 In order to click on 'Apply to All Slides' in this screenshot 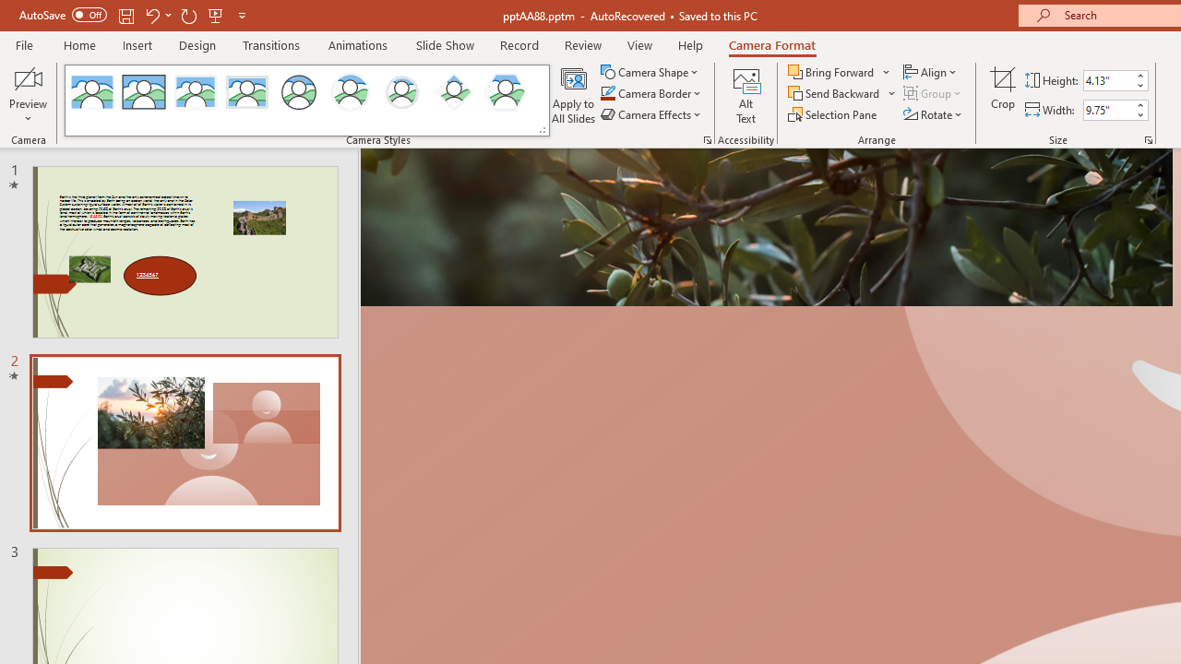, I will do `click(573, 95)`.